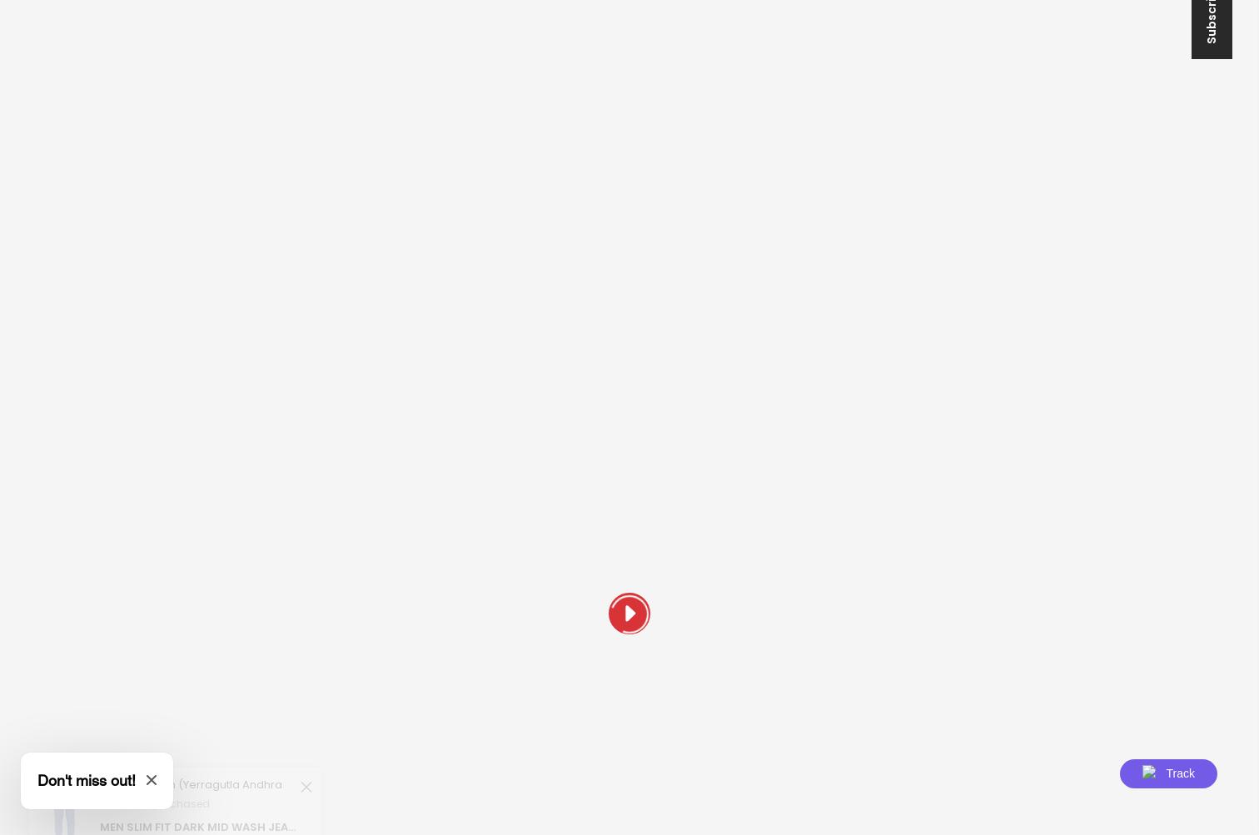 This screenshot has height=835, width=1259. I want to click on 'Refund policy', so click(686, 399).